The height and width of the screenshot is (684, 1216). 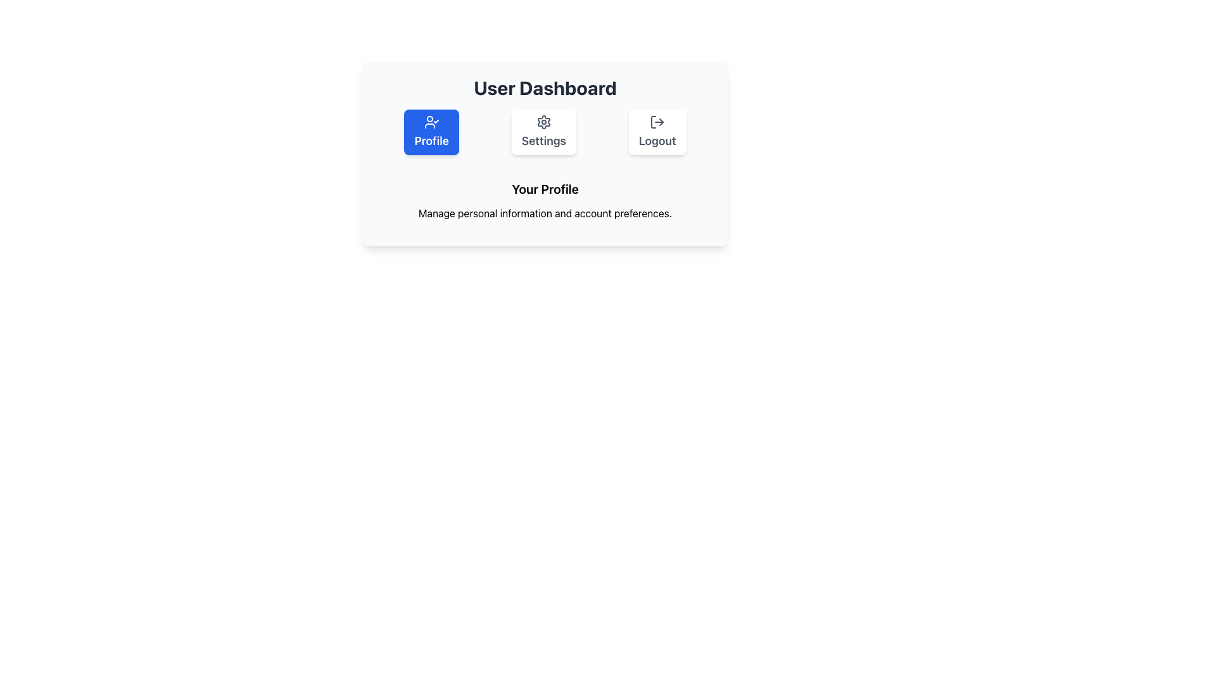 What do you see at coordinates (431, 141) in the screenshot?
I see `the 'Profile' button, which contains the text label providing a description for the user profile section, located in the first button on the left under 'User Dashboard'` at bounding box center [431, 141].